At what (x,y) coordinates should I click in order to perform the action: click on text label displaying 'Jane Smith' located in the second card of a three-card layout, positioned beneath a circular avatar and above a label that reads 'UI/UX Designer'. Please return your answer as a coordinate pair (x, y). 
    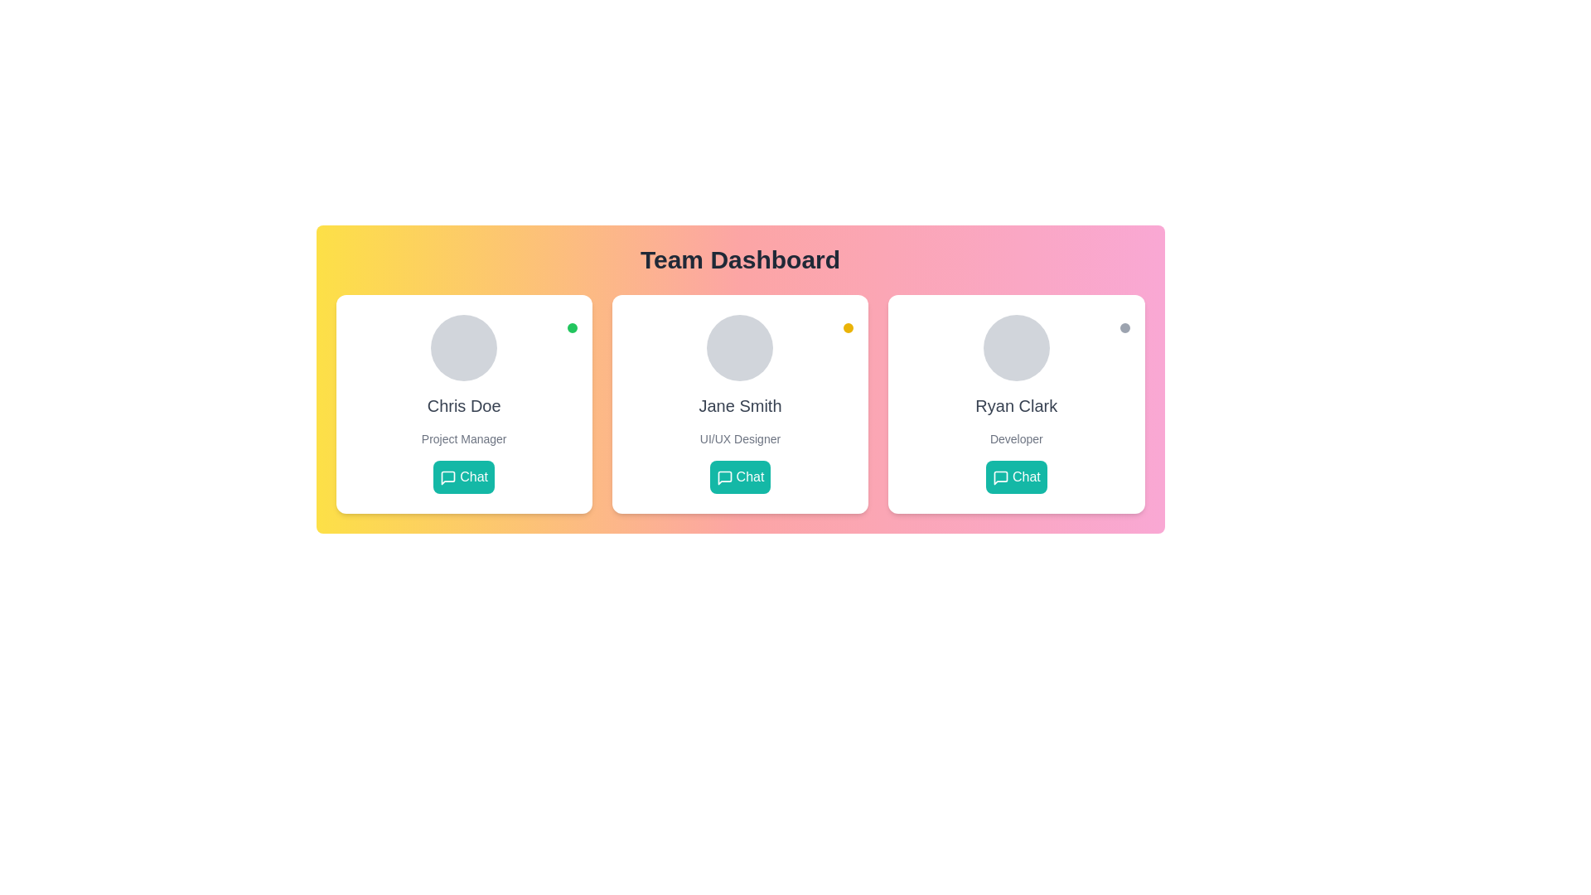
    Looking at the image, I should click on (739, 405).